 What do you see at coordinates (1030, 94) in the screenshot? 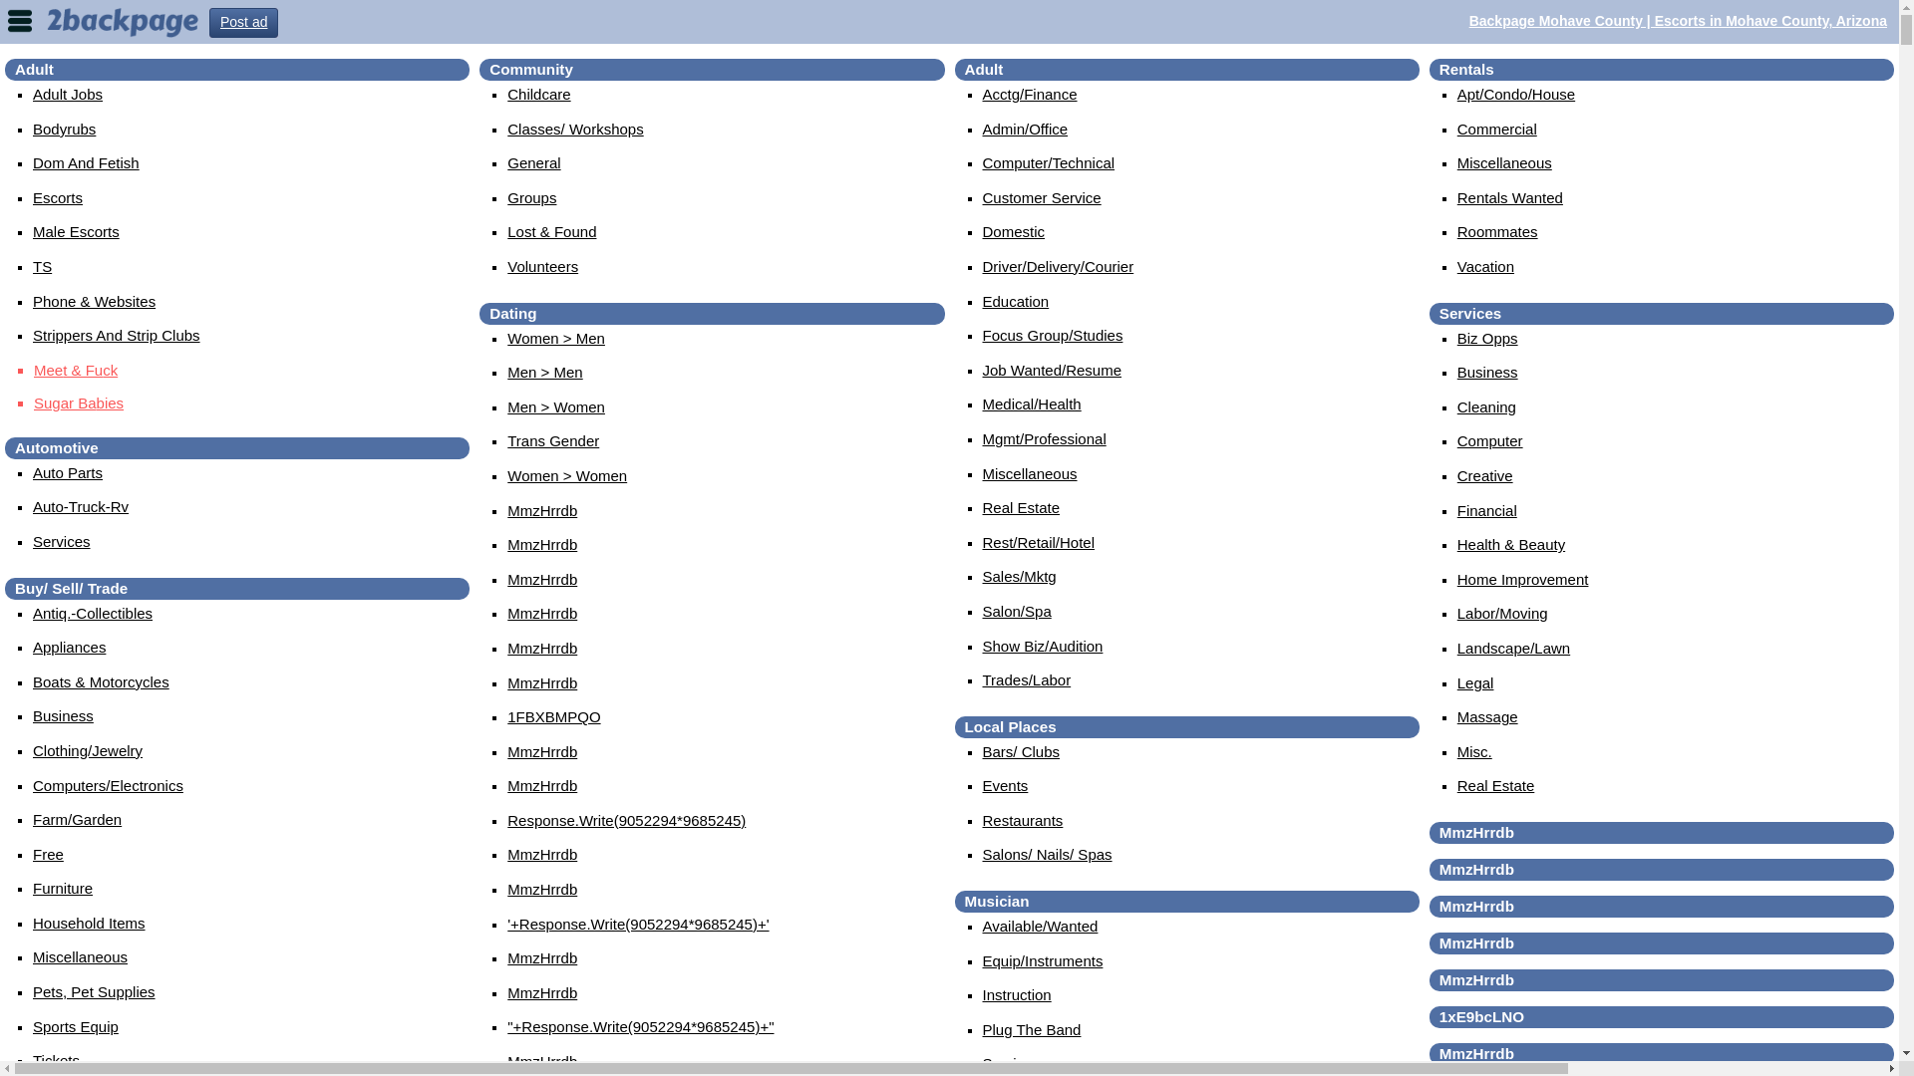
I see `'Acctg/Finance'` at bounding box center [1030, 94].